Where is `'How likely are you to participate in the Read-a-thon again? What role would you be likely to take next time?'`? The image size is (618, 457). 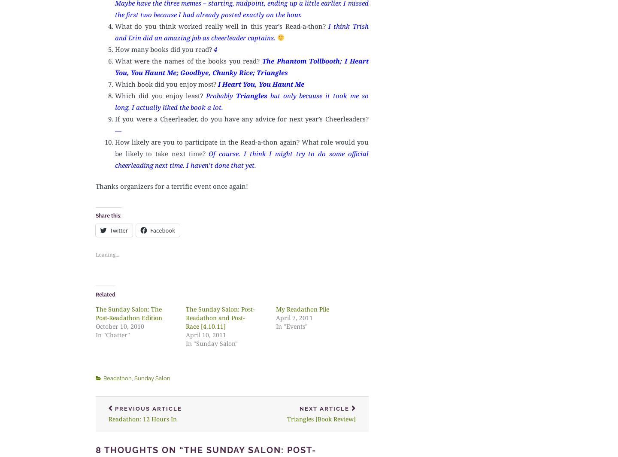
'How likely are you to participate in the Read-a-thon again? What role would you be likely to take next time?' is located at coordinates (242, 147).